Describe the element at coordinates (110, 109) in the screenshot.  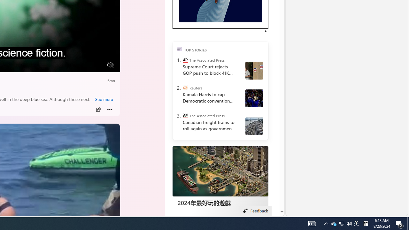
I see `'Class: at-item inline-watch'` at that location.